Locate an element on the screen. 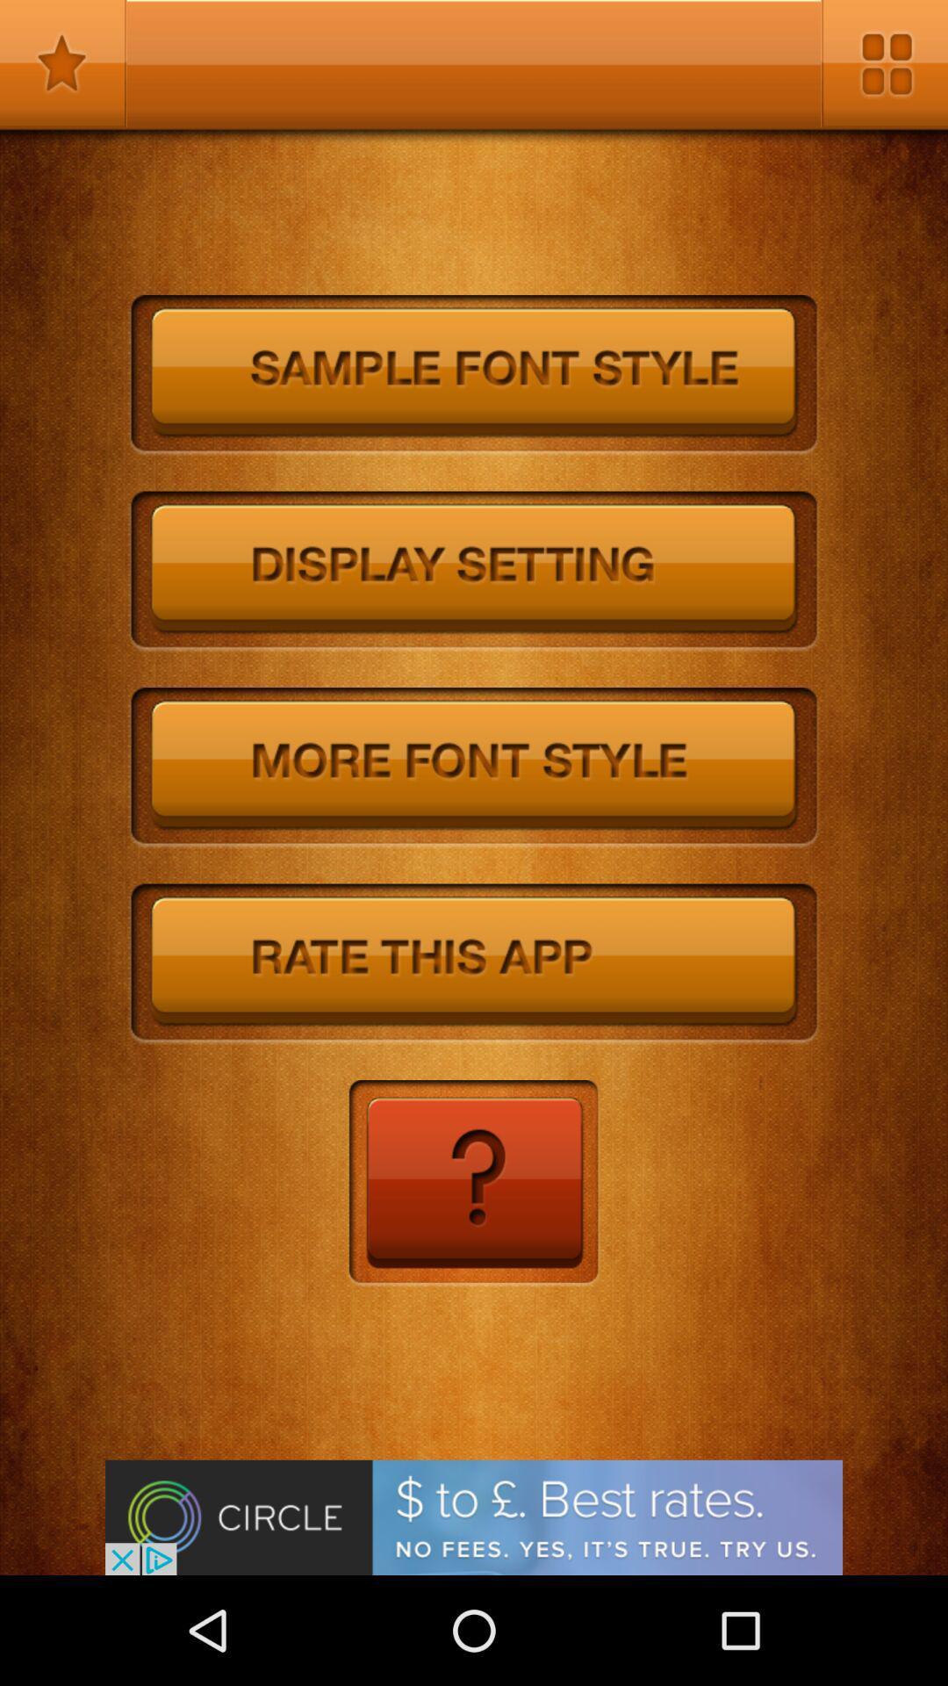 This screenshot has width=948, height=1686. main screen is located at coordinates (884, 63).